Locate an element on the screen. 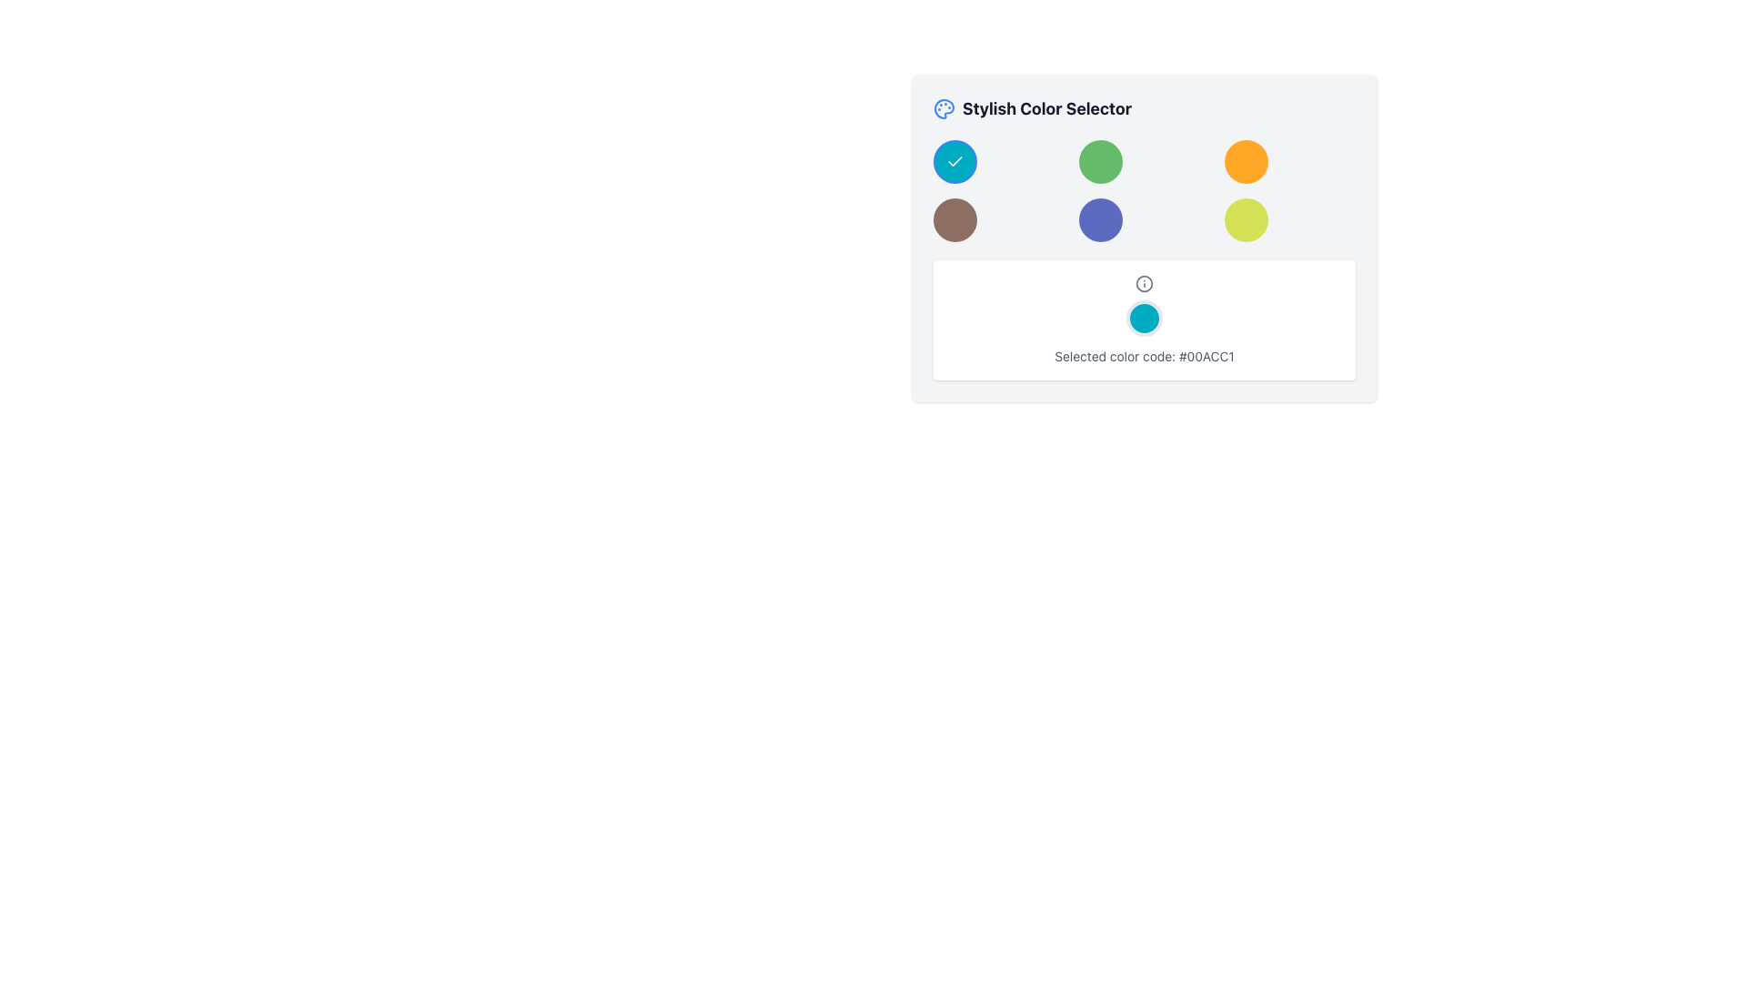  the color selector button located in the second row first column of a 3x3 grid layout is located at coordinates (954, 219).